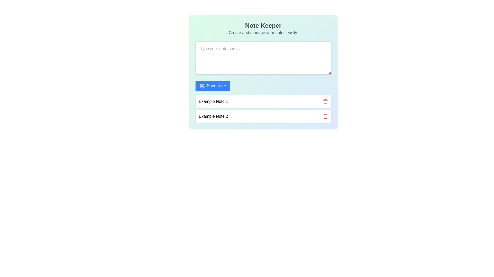  I want to click on the save button located below the 'Type your note here...' text input field, so click(213, 86).